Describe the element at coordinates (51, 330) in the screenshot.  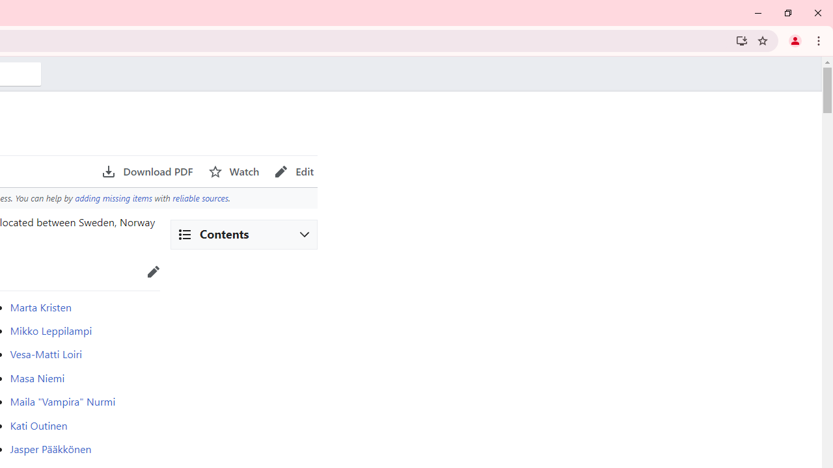
I see `'Mikko Leppilampi'` at that location.